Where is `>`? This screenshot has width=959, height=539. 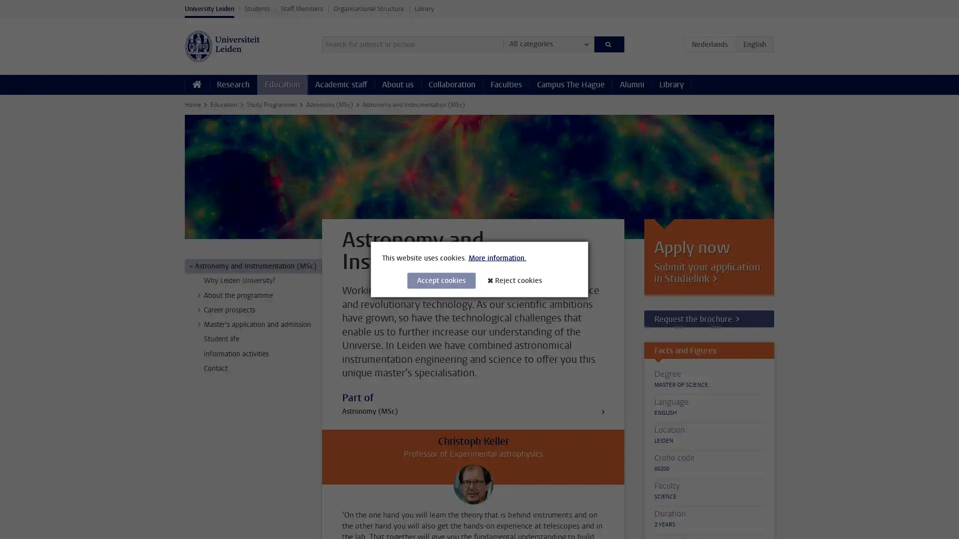 > is located at coordinates (199, 294).